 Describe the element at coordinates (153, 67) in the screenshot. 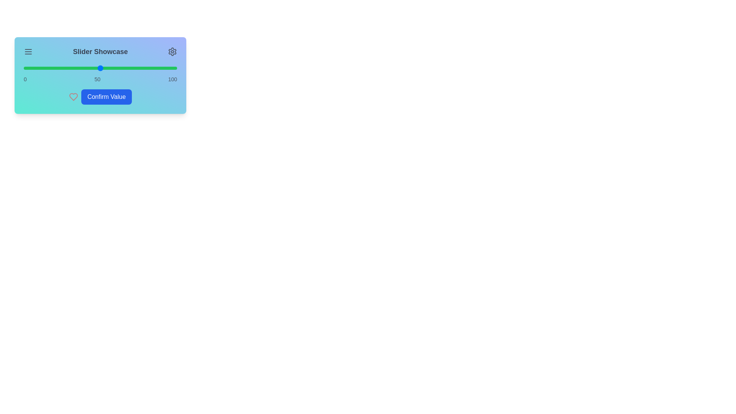

I see `the slider to 84%` at that location.